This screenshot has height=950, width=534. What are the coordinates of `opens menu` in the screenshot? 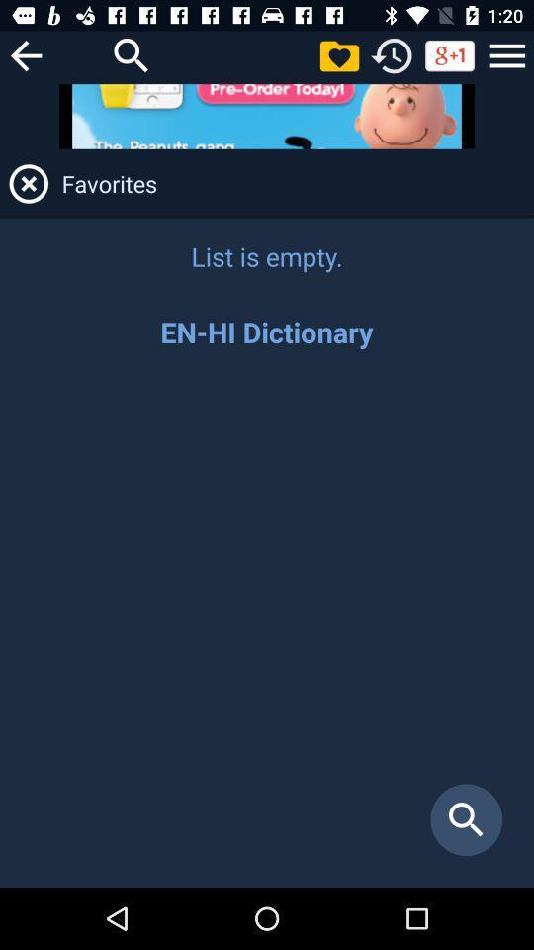 It's located at (507, 54).